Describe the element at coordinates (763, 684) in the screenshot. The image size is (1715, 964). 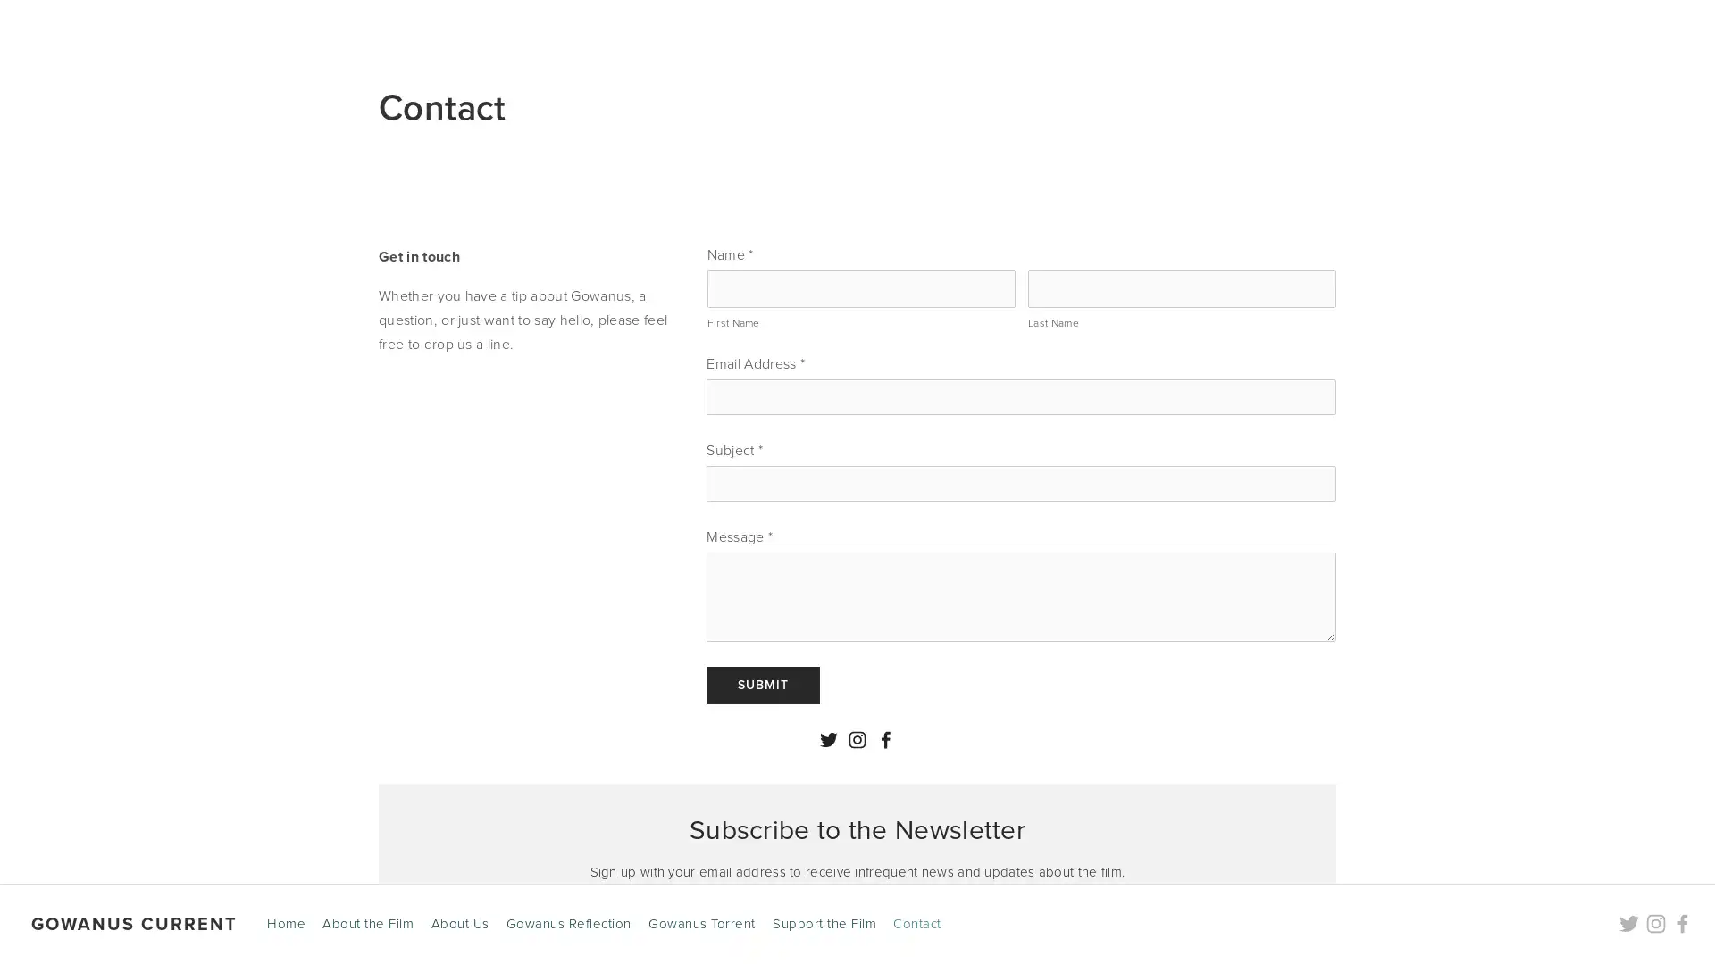
I see `Submit` at that location.